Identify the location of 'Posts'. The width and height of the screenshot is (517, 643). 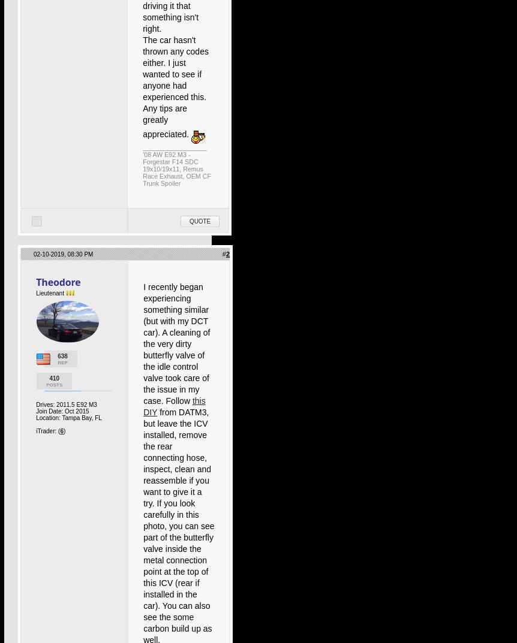
(53, 384).